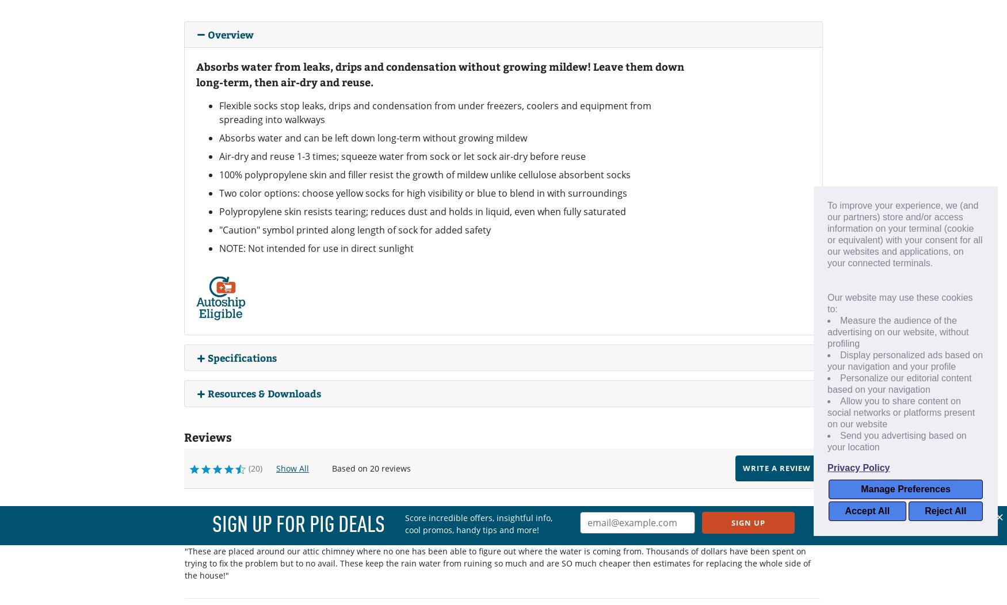 Image resolution: width=1007 pixels, height=605 pixels. I want to click on 'saves our ceiling!', so click(184, 533).